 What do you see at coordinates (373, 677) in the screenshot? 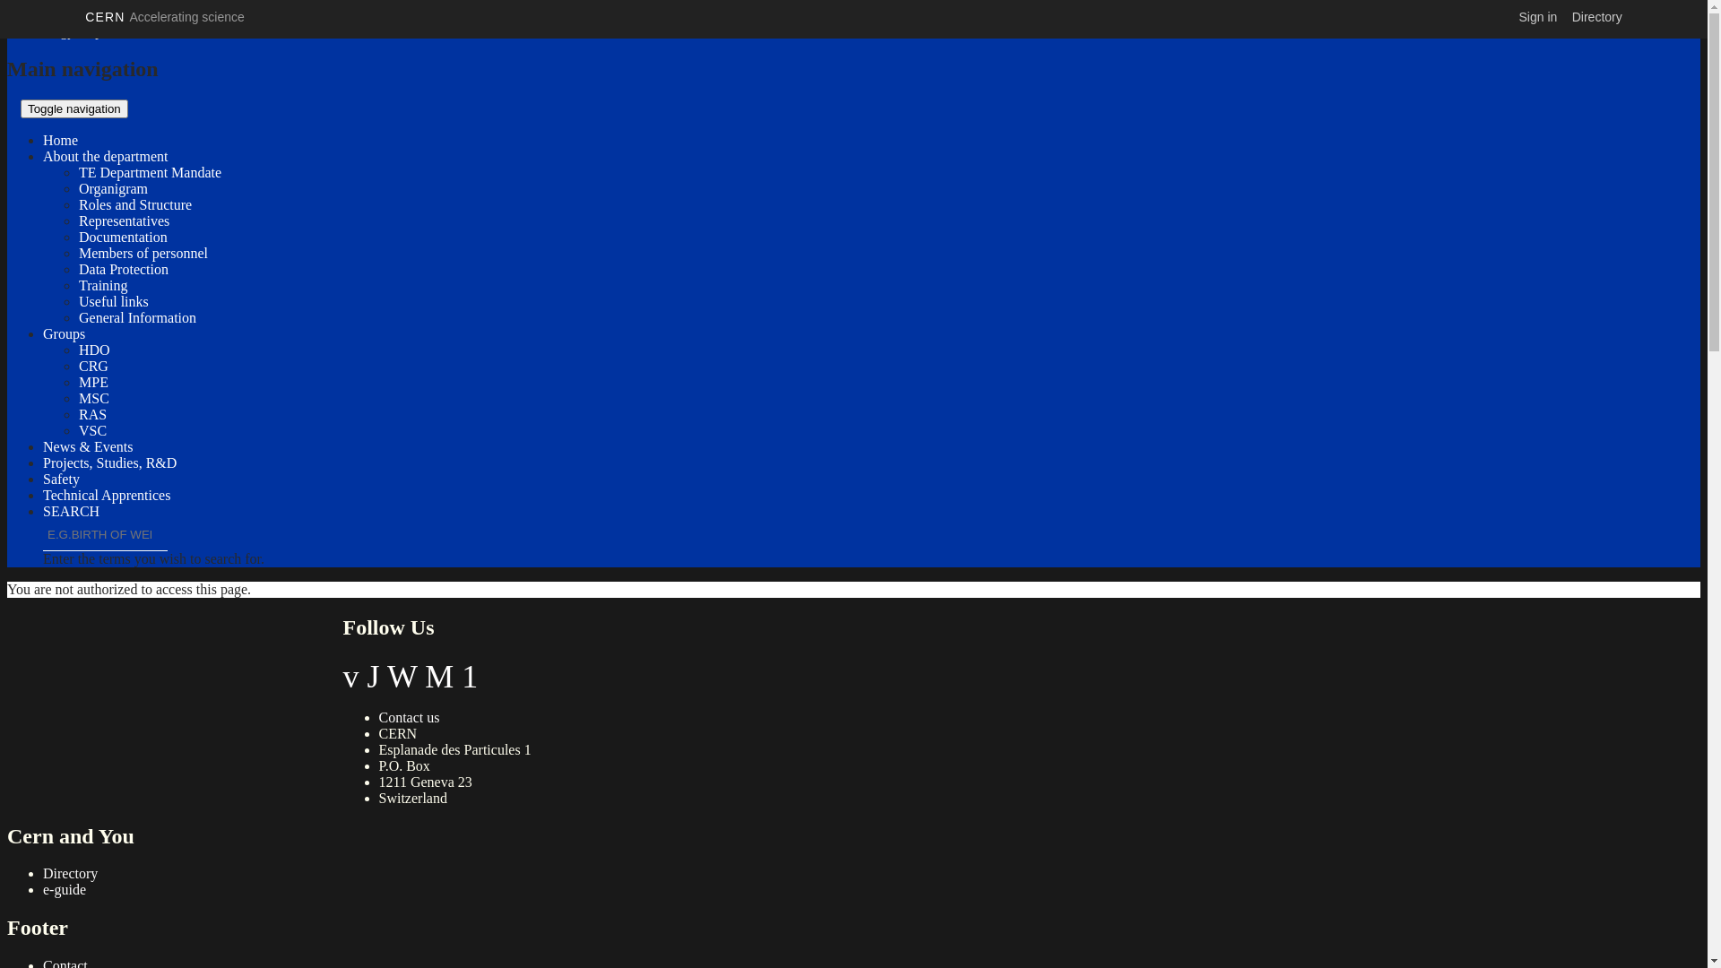
I see `'J'` at bounding box center [373, 677].